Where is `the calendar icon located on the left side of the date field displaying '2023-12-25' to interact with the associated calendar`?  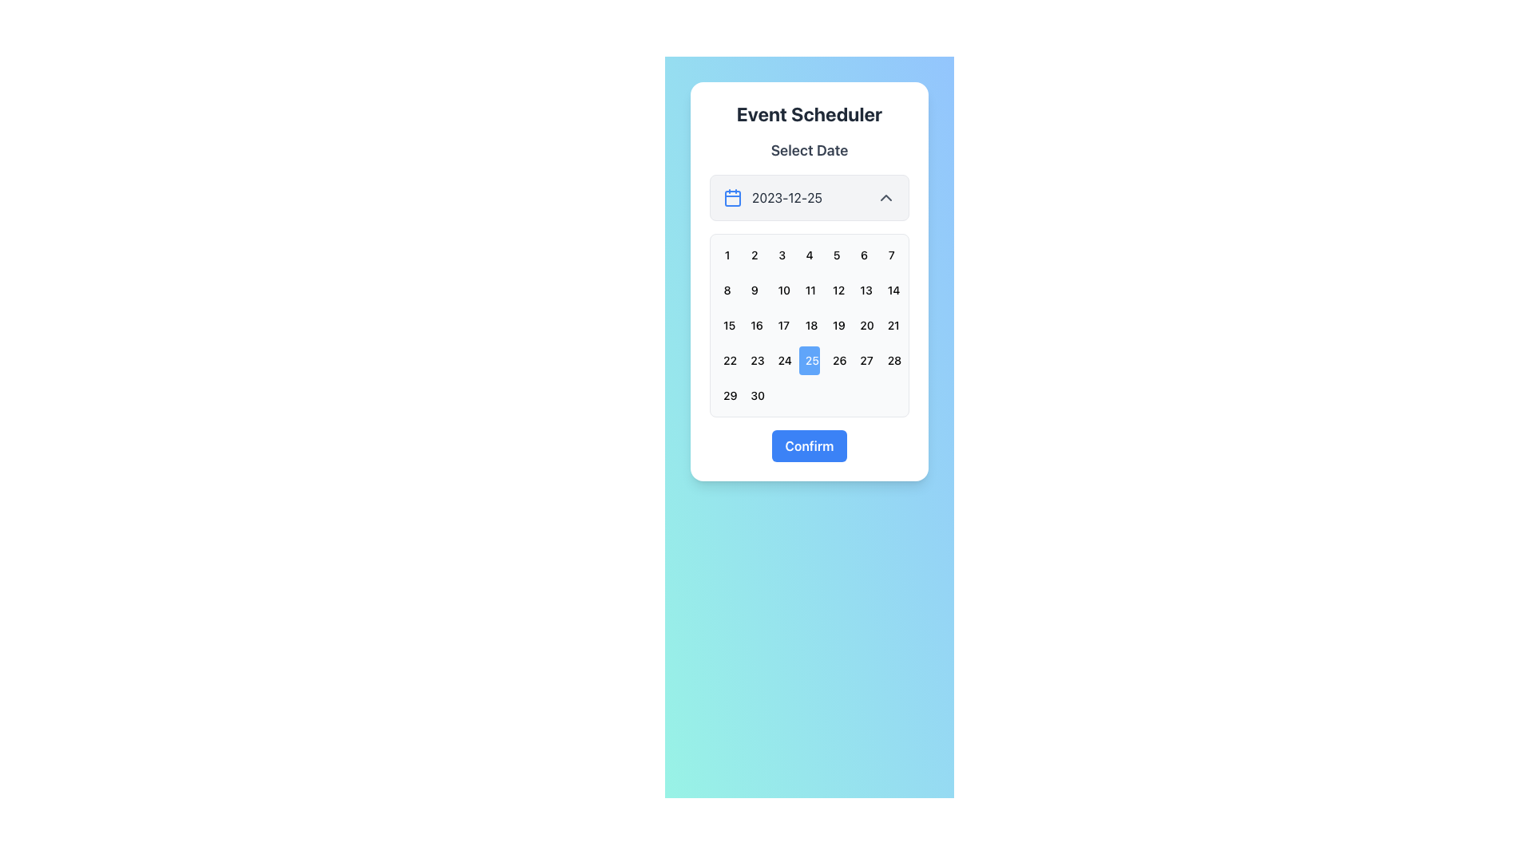 the calendar icon located on the left side of the date field displaying '2023-12-25' to interact with the associated calendar is located at coordinates (731, 196).